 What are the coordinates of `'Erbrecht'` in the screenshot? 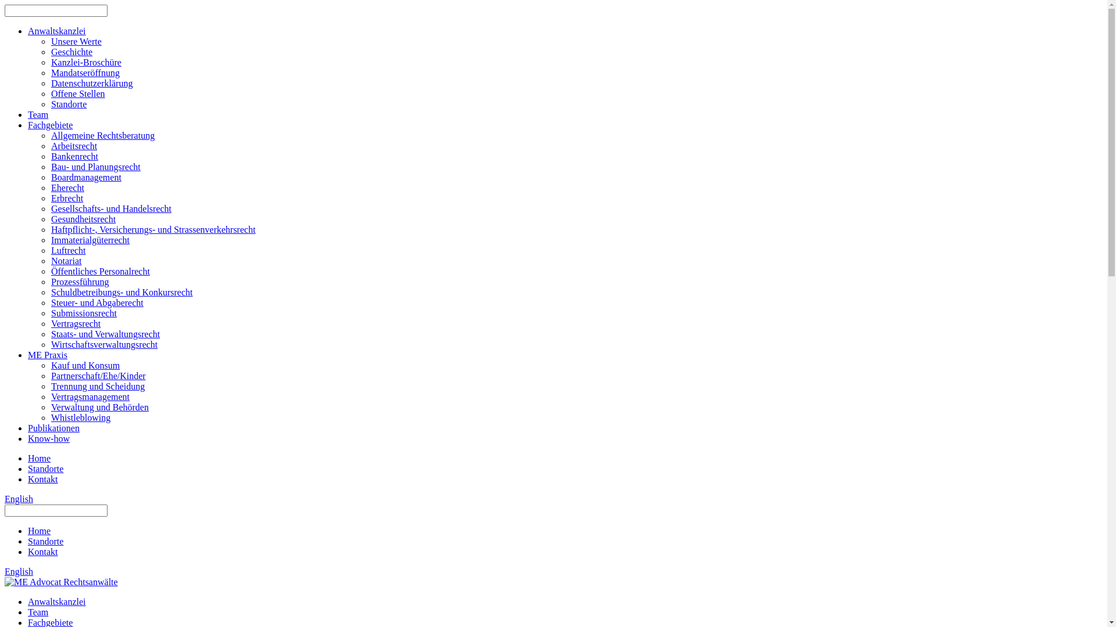 It's located at (66, 197).